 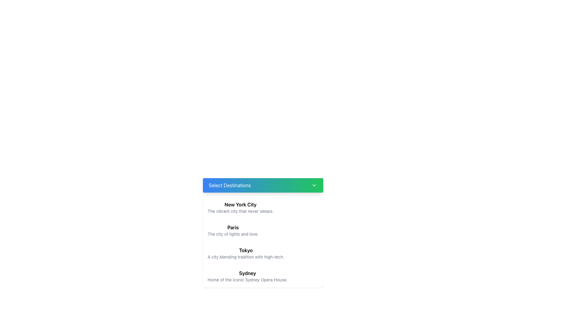 I want to click on the text label displaying 'Sydney', which is styled with bold font and located in the dropdown list of destination options, so click(x=247, y=273).